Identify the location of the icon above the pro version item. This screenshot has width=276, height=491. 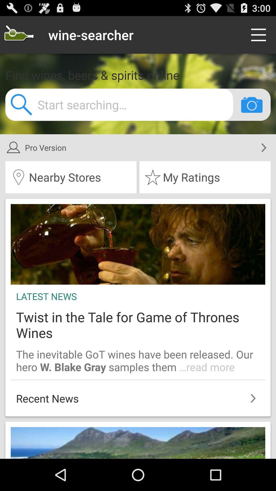
(251, 104).